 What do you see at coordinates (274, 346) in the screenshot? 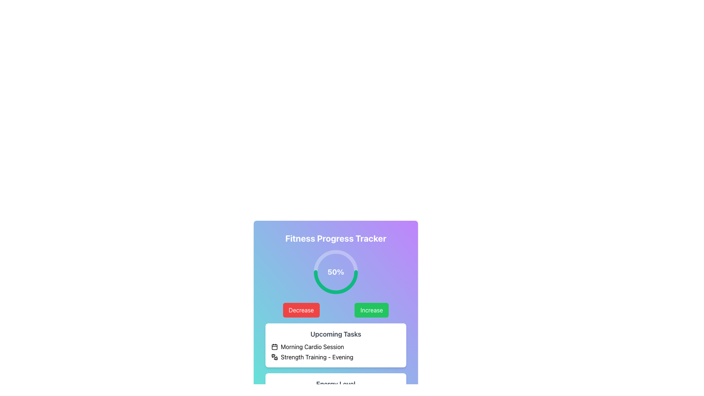
I see `the calendar icon located in the upper-left corner of the 'Morning Cardio Session' text block within the 'Upcoming Tasks' section` at bounding box center [274, 346].